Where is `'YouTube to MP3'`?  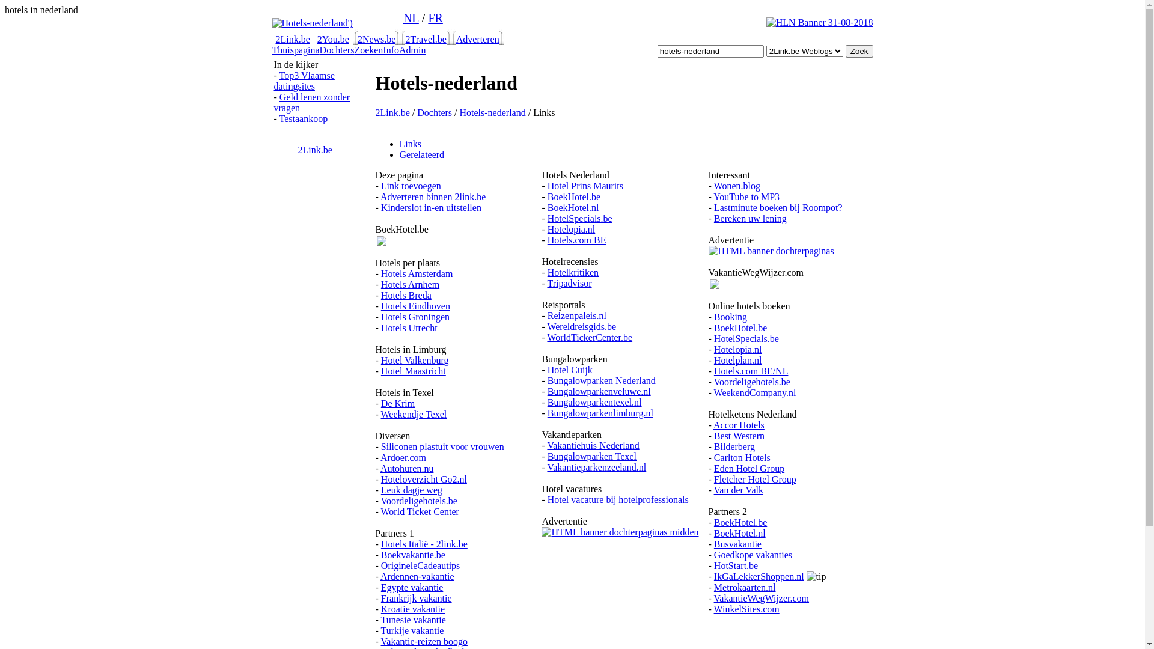 'YouTube to MP3' is located at coordinates (746, 196).